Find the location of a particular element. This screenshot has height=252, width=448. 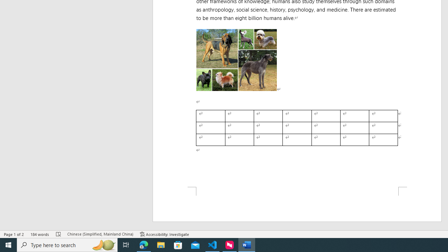

'Page Number Page 1 of 2' is located at coordinates (14, 234).